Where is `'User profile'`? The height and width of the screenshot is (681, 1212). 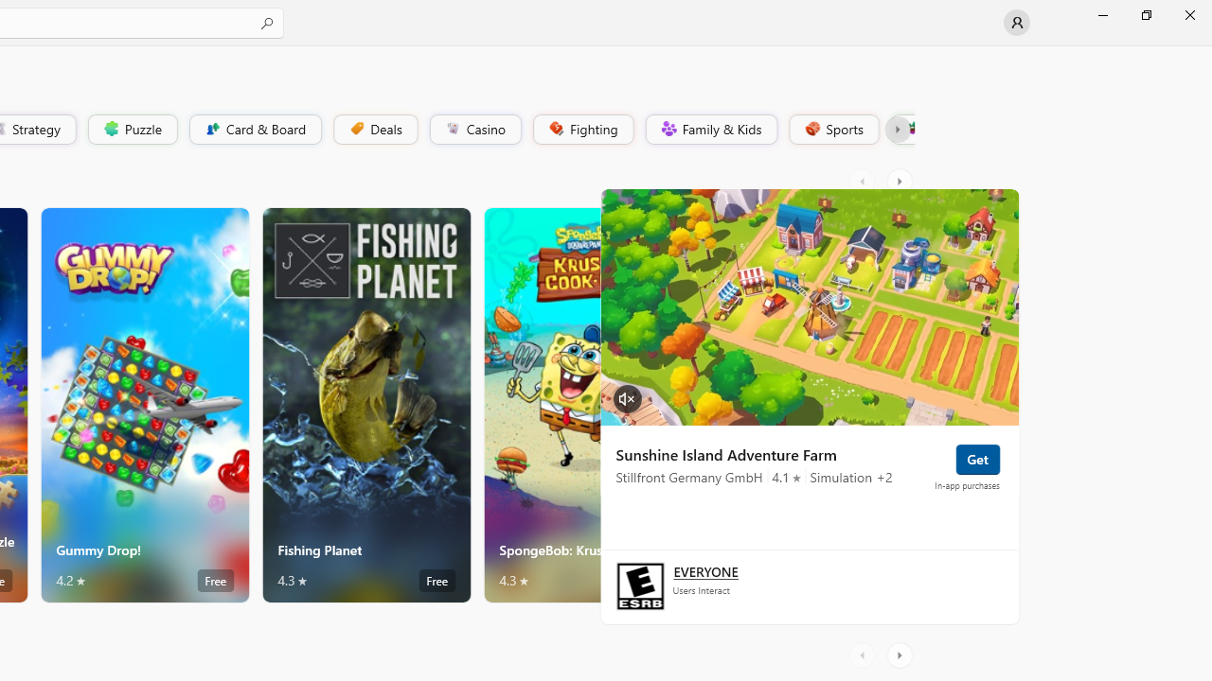
'User profile' is located at coordinates (1015, 23).